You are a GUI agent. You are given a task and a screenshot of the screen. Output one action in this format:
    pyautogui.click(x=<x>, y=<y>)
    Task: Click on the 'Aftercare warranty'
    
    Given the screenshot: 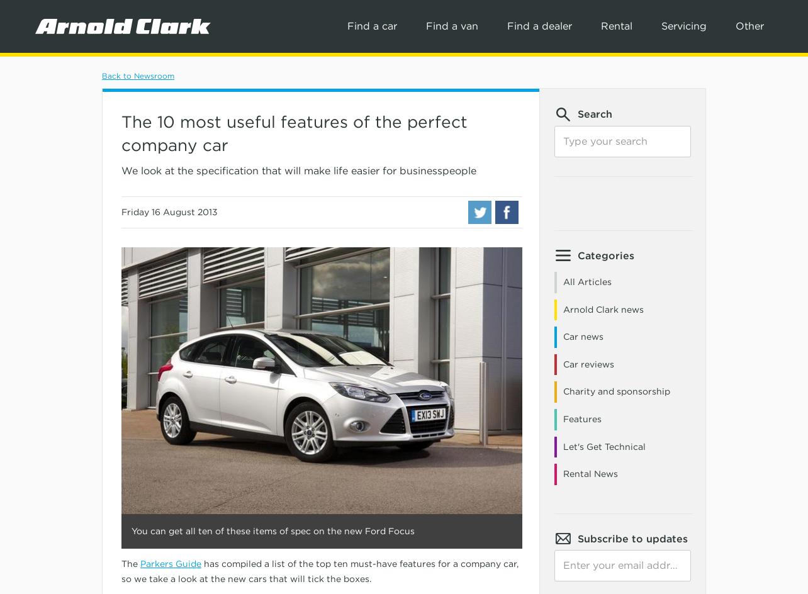 What is the action you would take?
    pyautogui.click(x=481, y=157)
    